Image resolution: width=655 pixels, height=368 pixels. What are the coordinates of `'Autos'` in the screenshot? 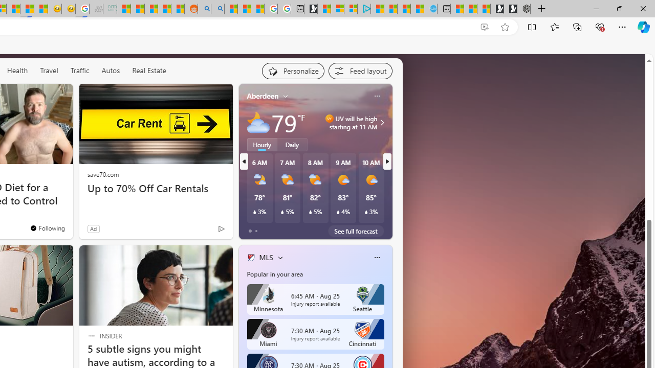 It's located at (111, 70).